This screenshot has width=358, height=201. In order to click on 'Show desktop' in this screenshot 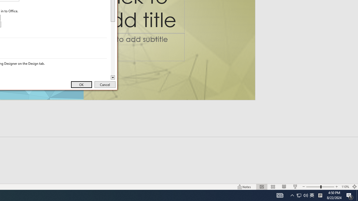, I will do `click(357, 195)`.